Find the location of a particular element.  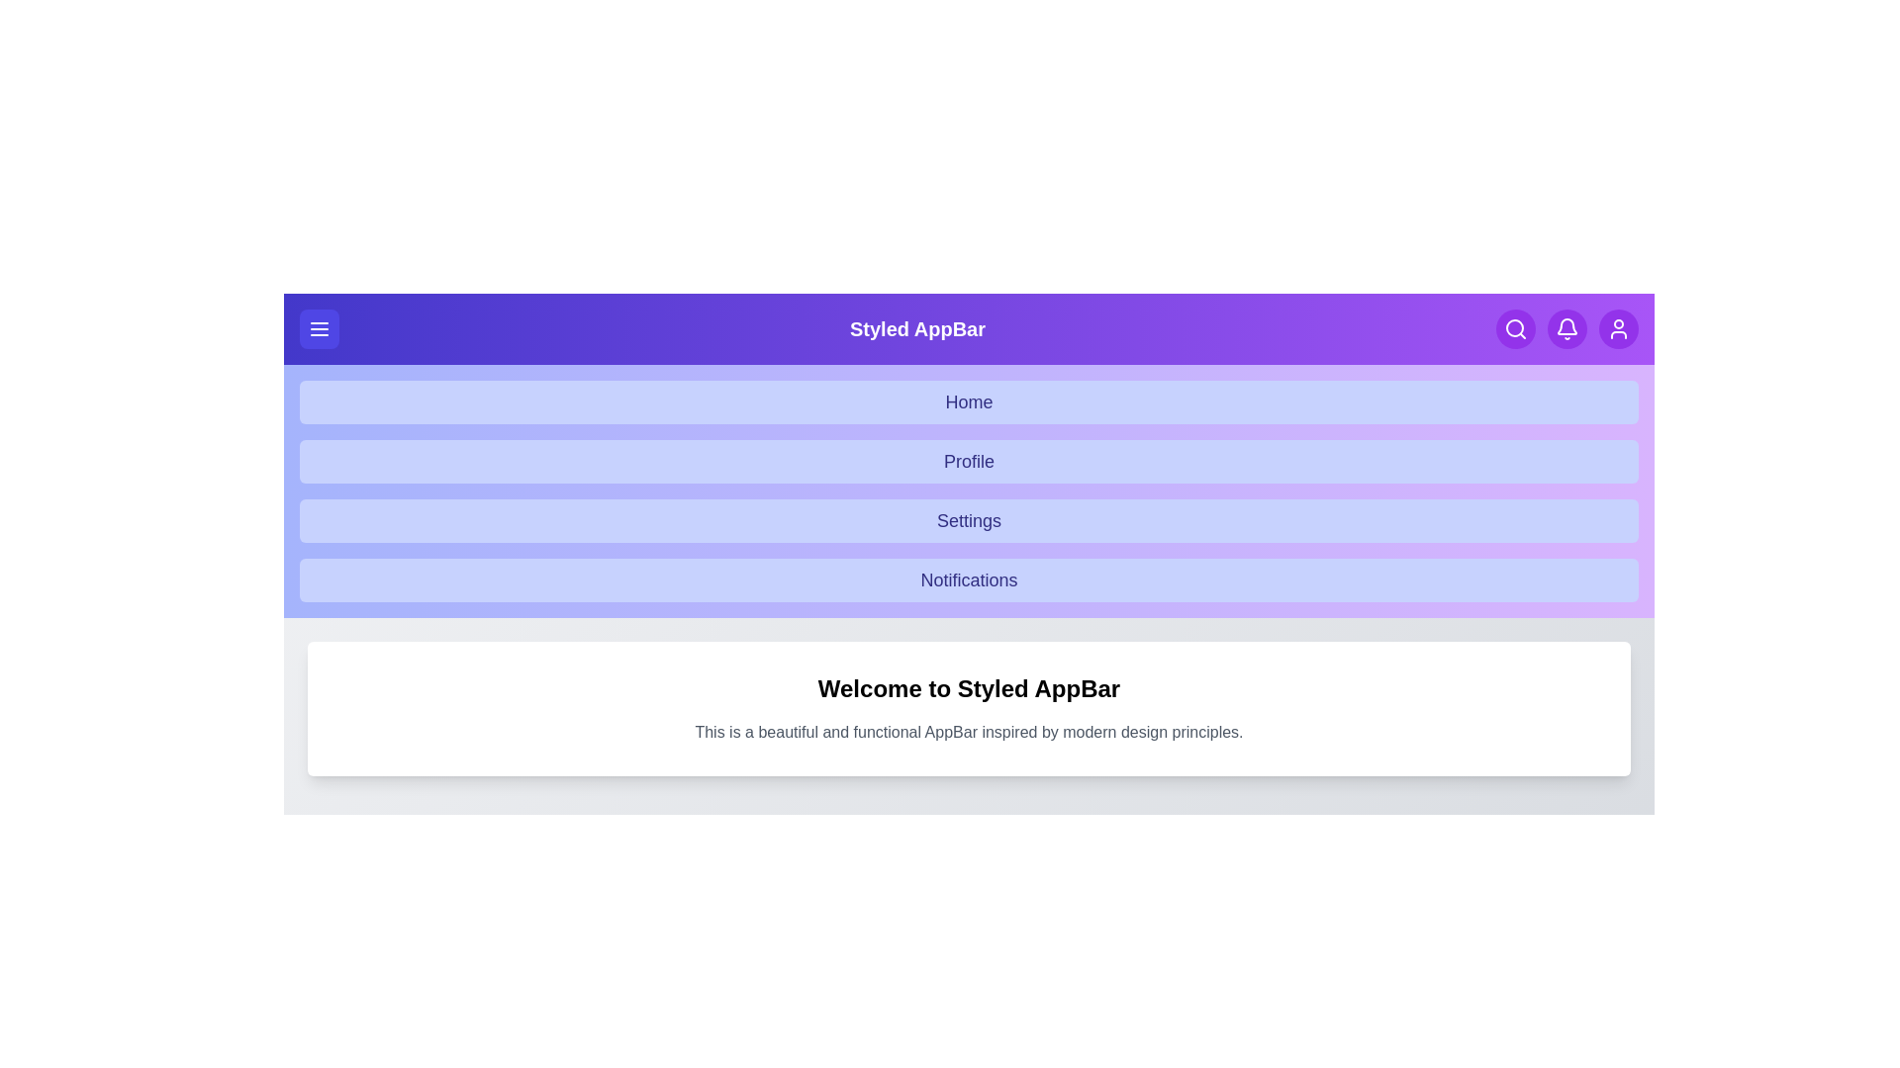

menu toggle button to toggle the menu visibility is located at coordinates (319, 327).